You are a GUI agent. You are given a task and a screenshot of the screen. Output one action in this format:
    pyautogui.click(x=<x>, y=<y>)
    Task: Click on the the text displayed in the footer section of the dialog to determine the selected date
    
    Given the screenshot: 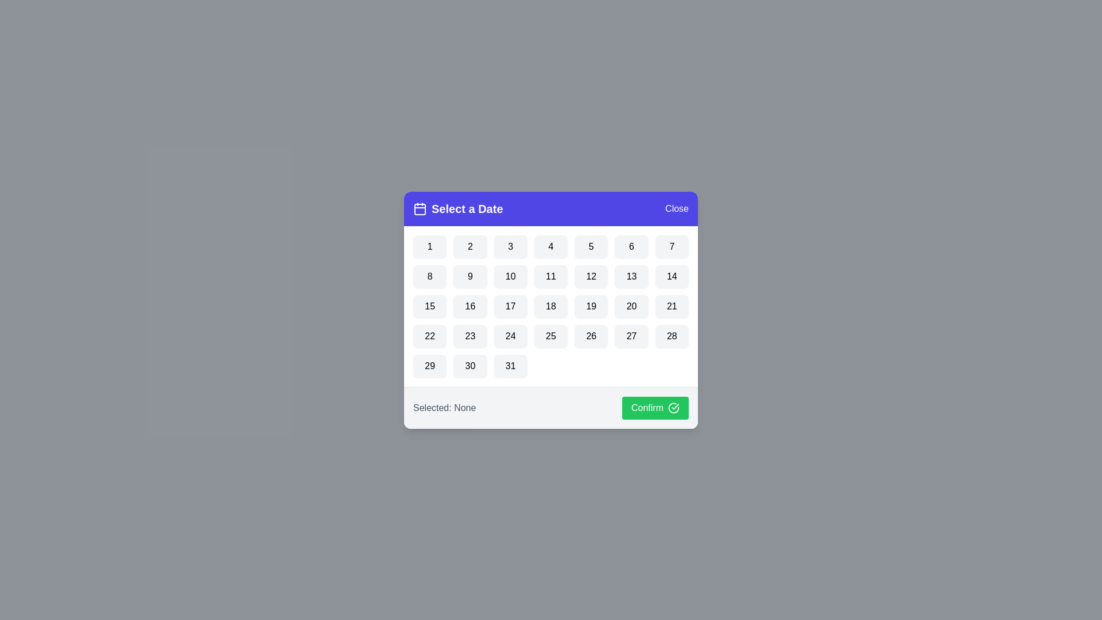 What is the action you would take?
    pyautogui.click(x=444, y=407)
    